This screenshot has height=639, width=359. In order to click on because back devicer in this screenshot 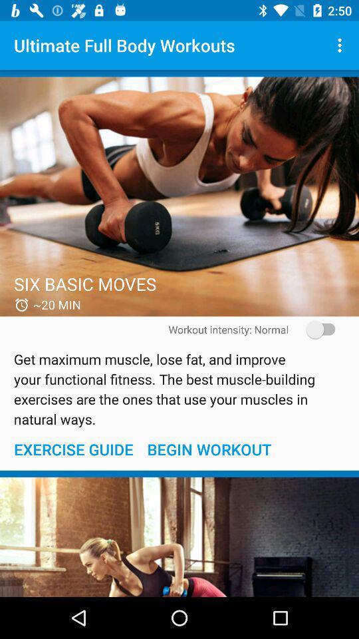, I will do `click(179, 196)`.